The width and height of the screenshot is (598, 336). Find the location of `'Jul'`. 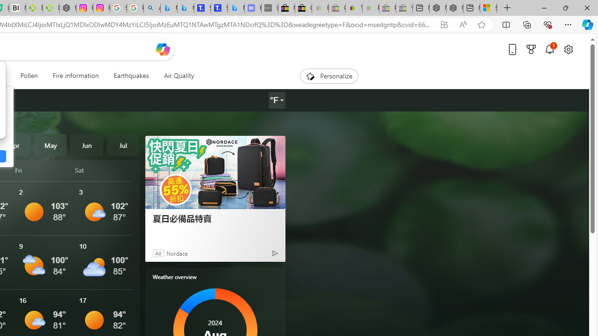

'Jul' is located at coordinates (122, 145).